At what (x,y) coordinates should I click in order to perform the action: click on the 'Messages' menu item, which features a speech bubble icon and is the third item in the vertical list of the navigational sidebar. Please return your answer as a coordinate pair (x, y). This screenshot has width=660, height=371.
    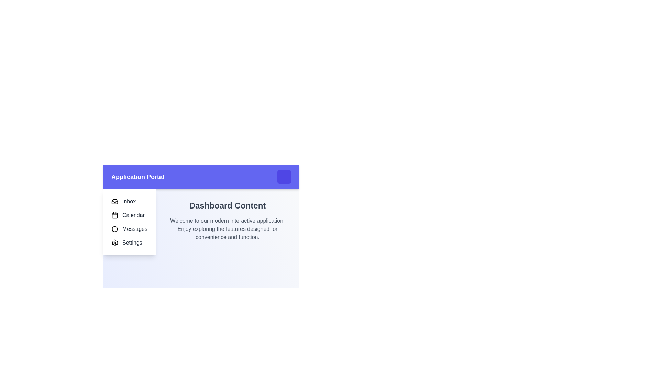
    Looking at the image, I should click on (129, 229).